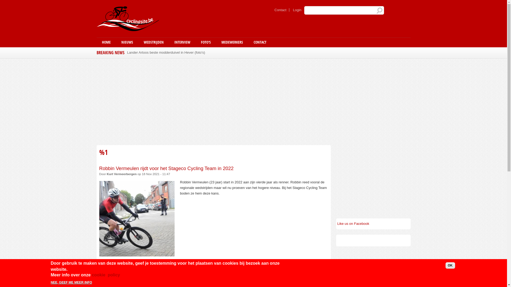  Describe the element at coordinates (106, 42) in the screenshot. I see `'HOME'` at that location.